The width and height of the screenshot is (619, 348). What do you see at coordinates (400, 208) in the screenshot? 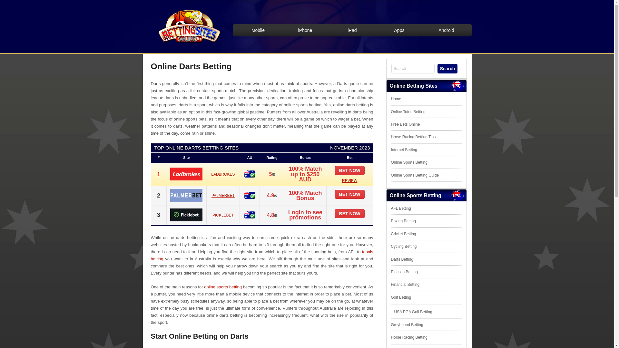
I see `'AFL Betting'` at bounding box center [400, 208].